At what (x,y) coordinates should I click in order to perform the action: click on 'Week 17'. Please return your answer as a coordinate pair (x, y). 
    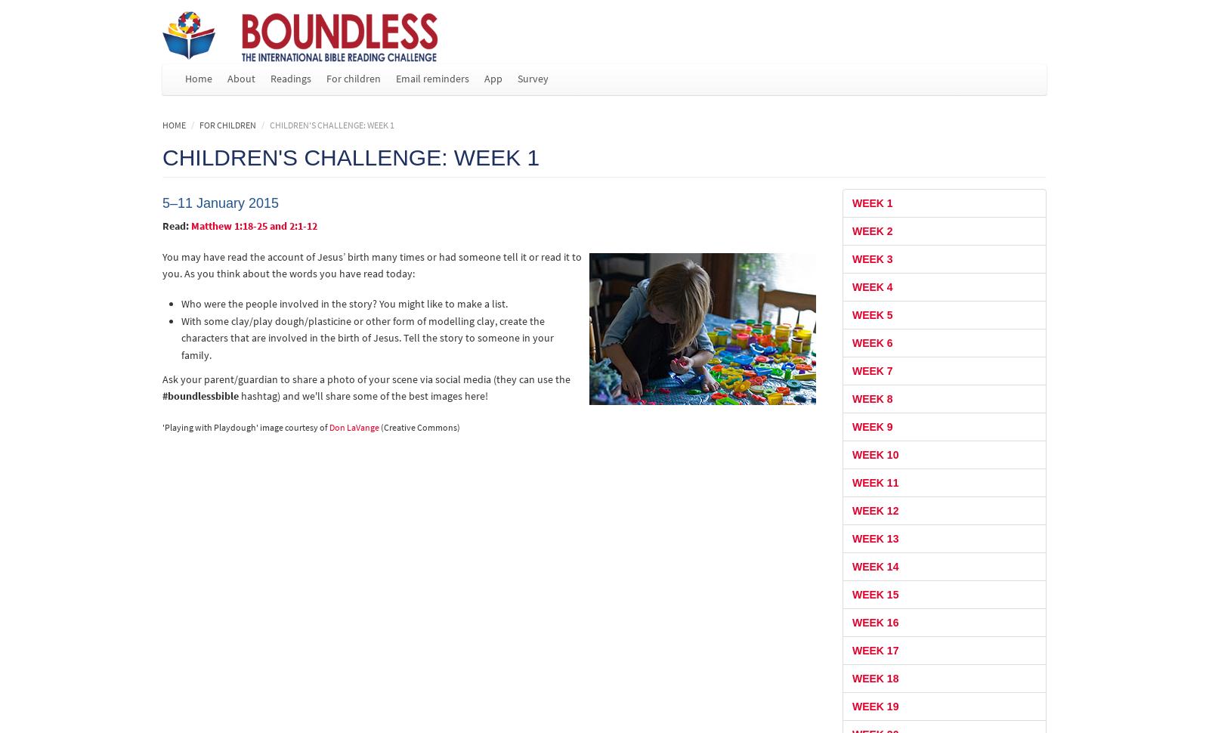
    Looking at the image, I should click on (875, 649).